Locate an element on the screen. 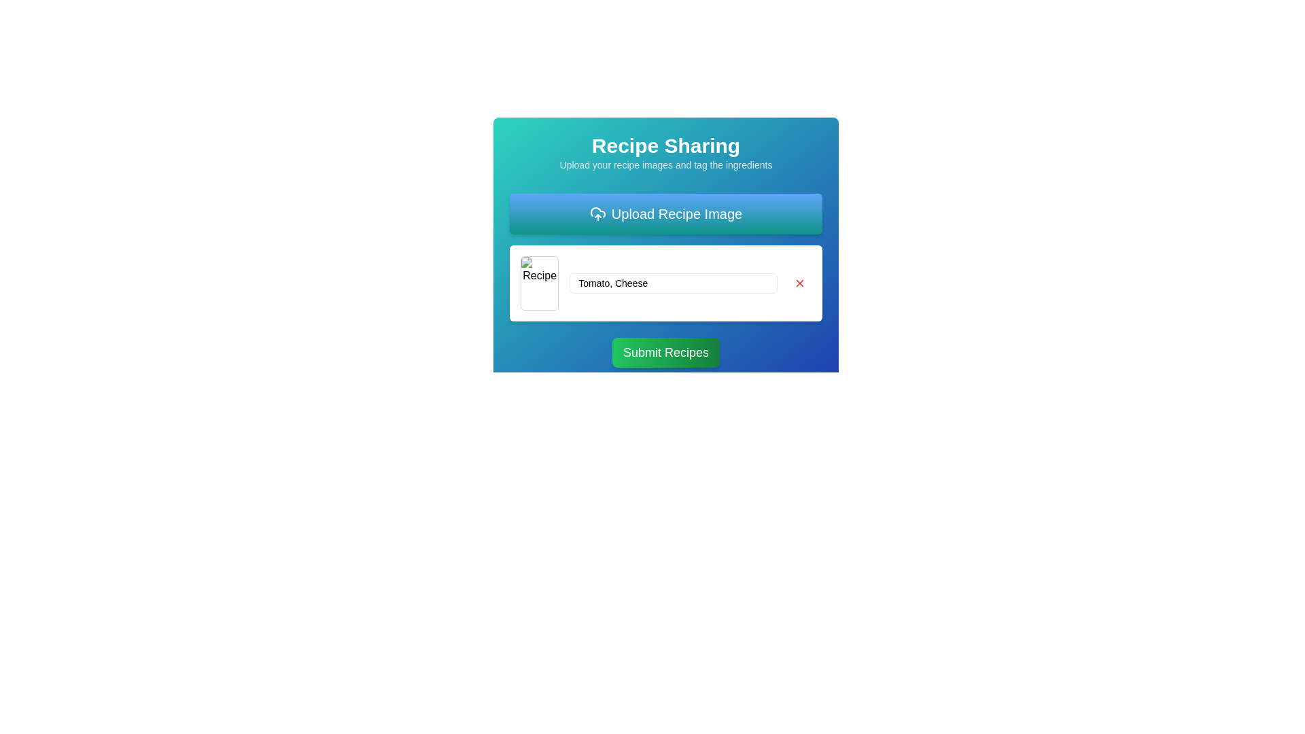  the cloud icon, which is the middle component of the 'Upload Recipe Image' button, characterized by its rounded contour and arc pattern is located at coordinates (597, 212).